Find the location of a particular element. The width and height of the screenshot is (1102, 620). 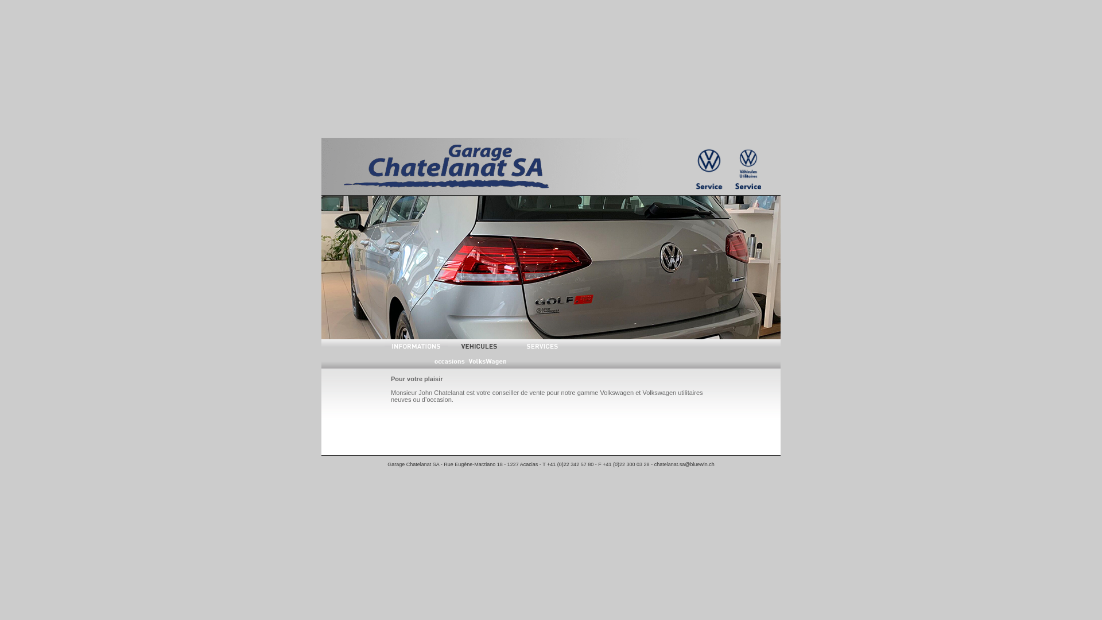

'chatelanat.sa@bluewin.ch' is located at coordinates (684, 464).